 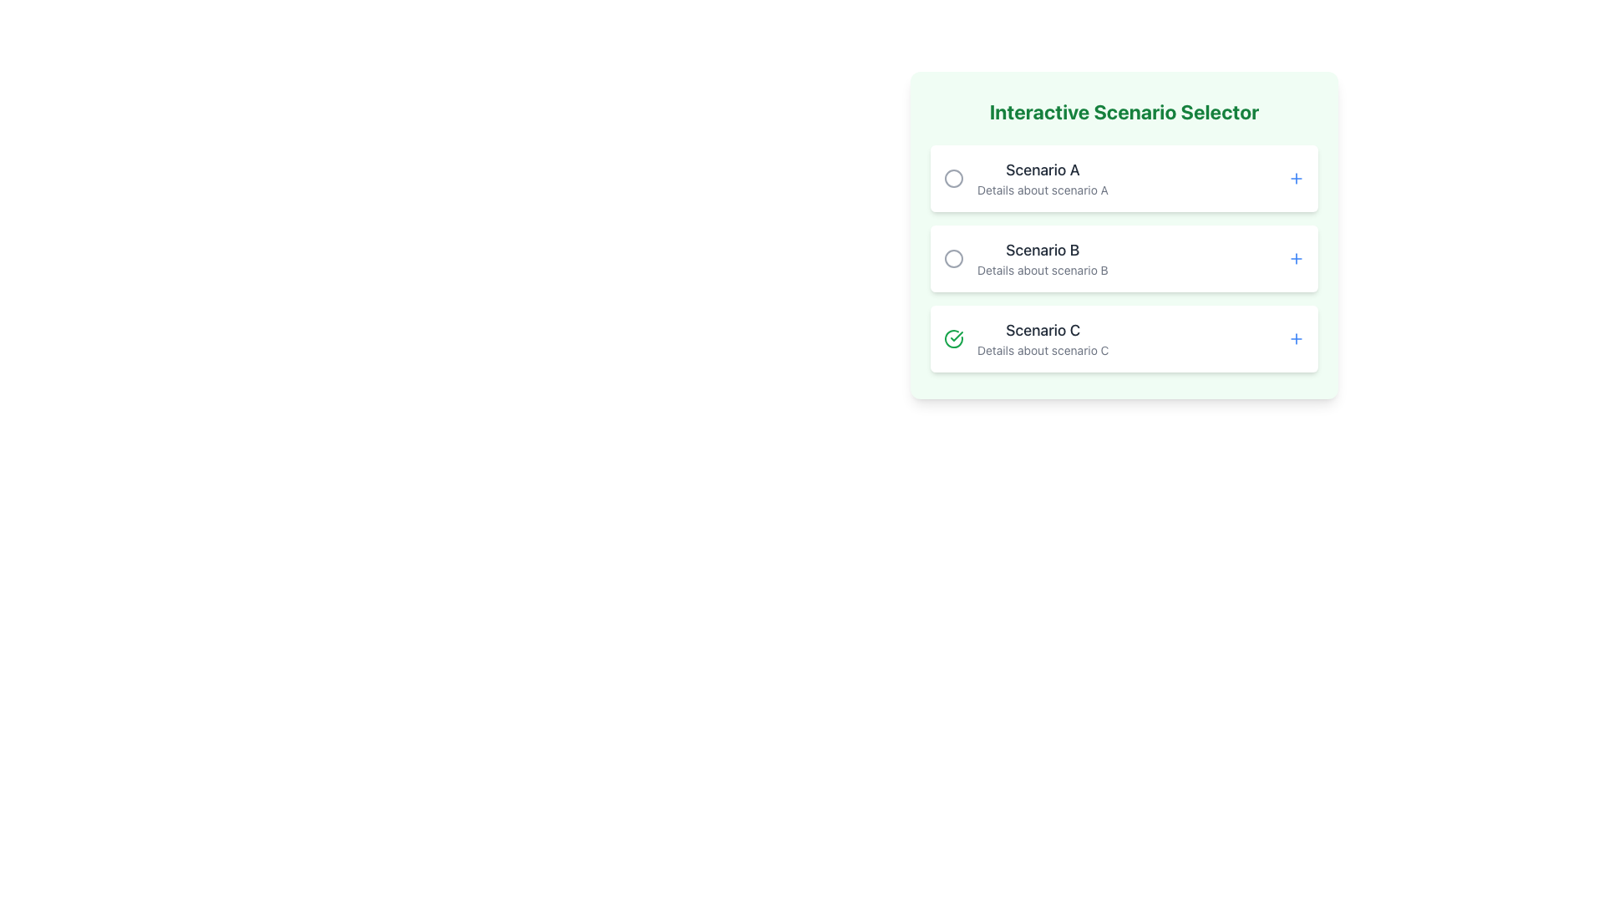 I want to click on the 'Scenario B' informational and interactive group for keyboard navigation, so click(x=1025, y=258).